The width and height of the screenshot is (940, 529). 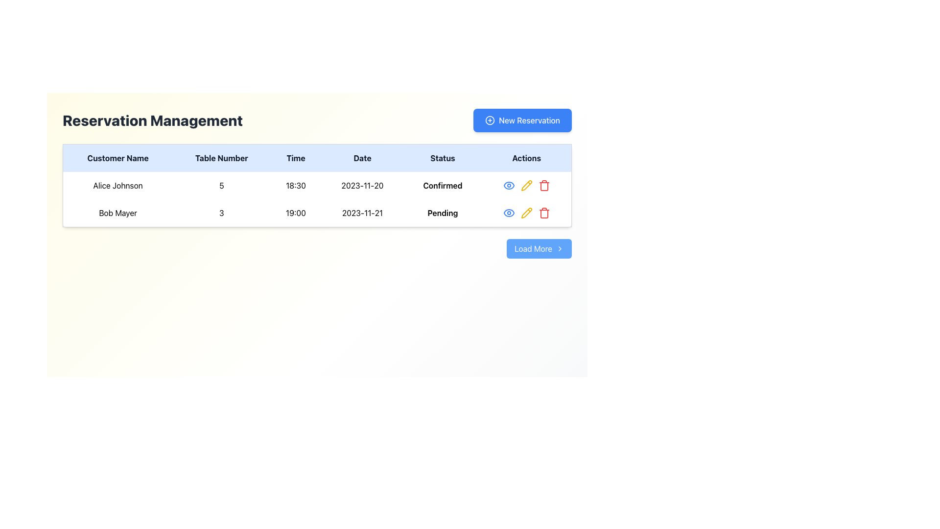 I want to click on the text element displaying the numeric value '5' in the second column of the first row of the table, if it is enabled, so click(x=221, y=185).